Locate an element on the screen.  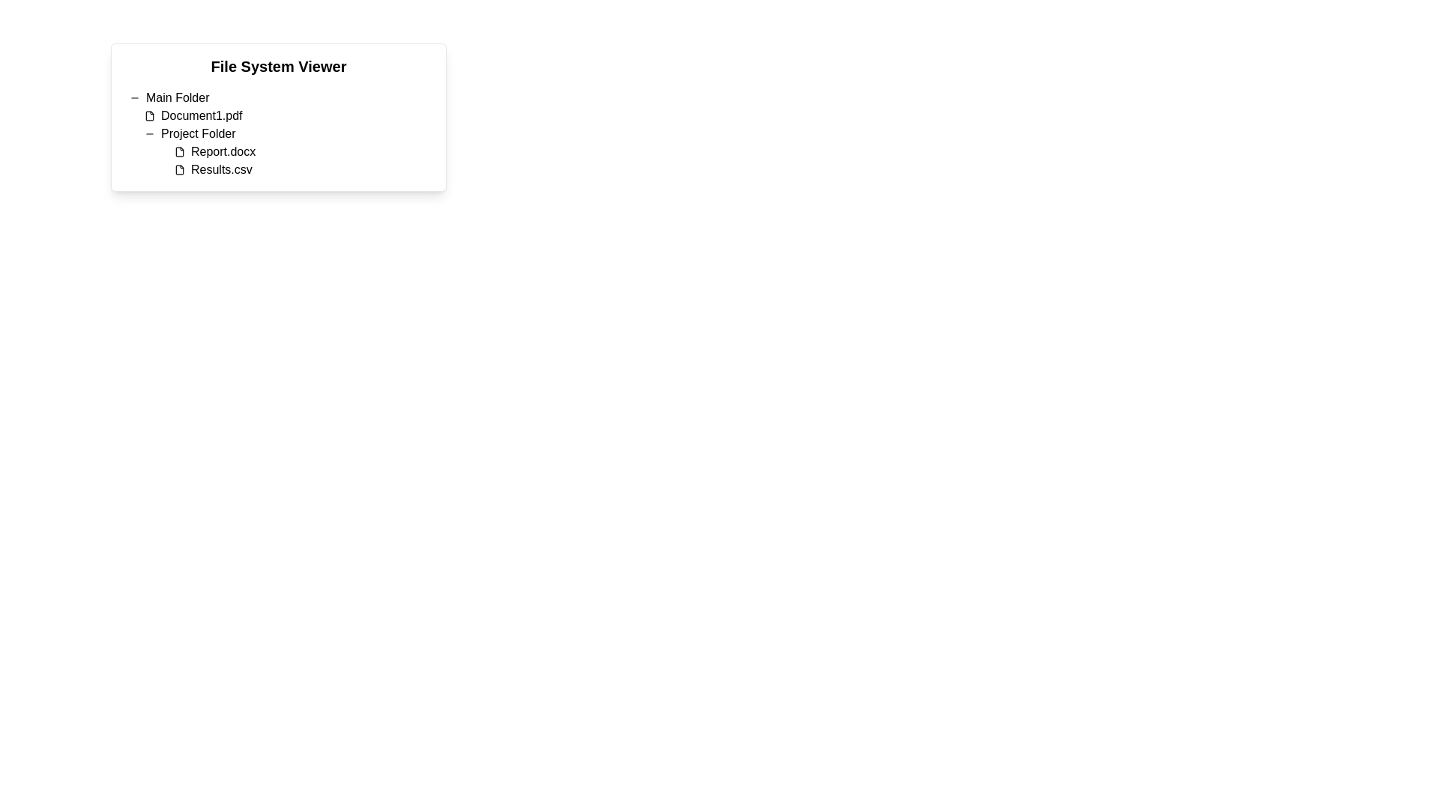
the text label representing the file titled 'Document1.pdf' is located at coordinates (201, 115).